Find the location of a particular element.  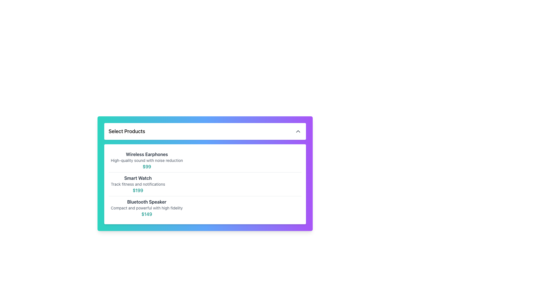

the first product entry for 'Wireless Earphones' in the 'Select Products' list is located at coordinates (205, 161).